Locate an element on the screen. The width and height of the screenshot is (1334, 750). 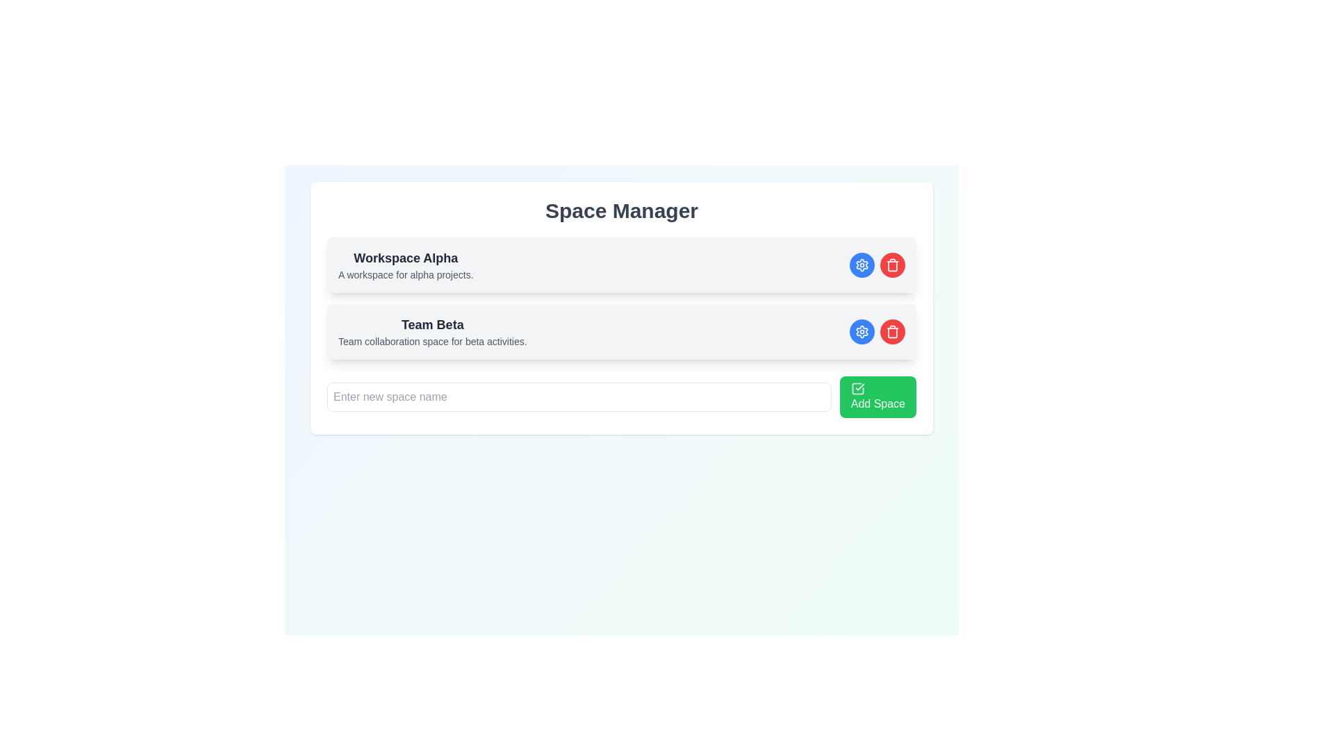
the configuration icon for the 'Team Beta' workspace, located to the right of the 'Team Beta' label and adjacent to the red trash icon is located at coordinates (862, 265).